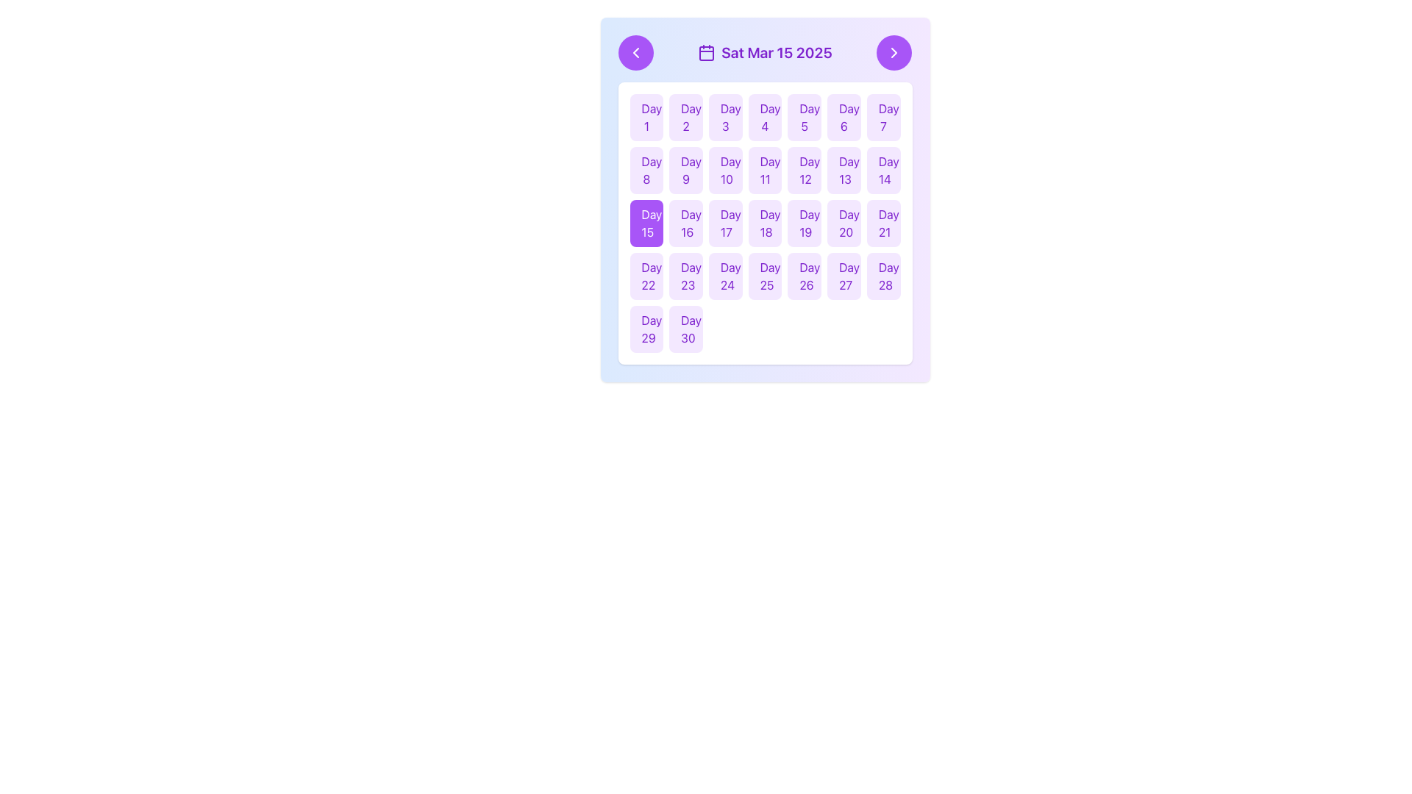 This screenshot has height=794, width=1412. Describe the element at coordinates (765, 223) in the screenshot. I see `the 'Day 18' button, which is a rounded rectangular button with a light purple background and dark purple text, located in the calendar view grid` at that location.